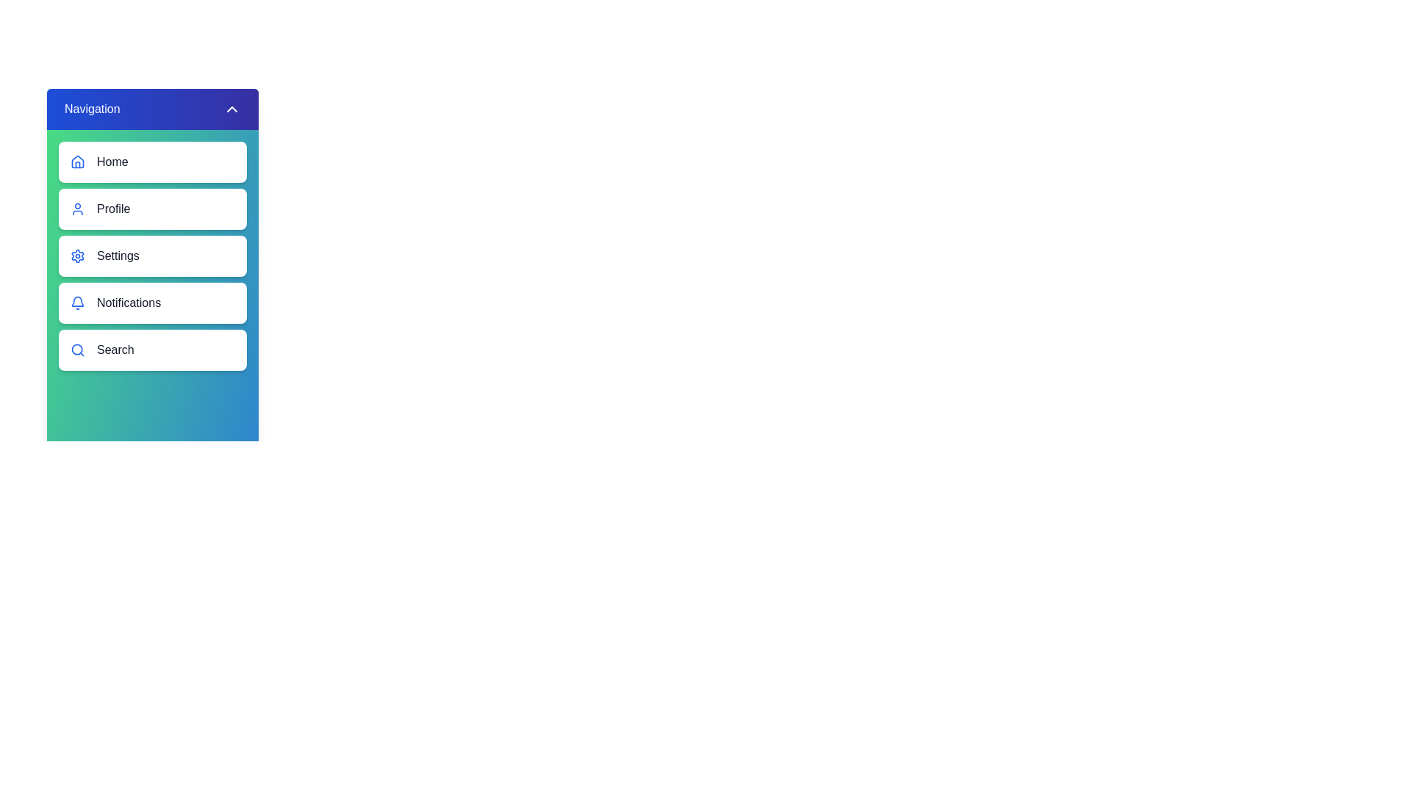  What do you see at coordinates (76, 350) in the screenshot?
I see `the circular part of the magnifying glass icon, which is nested within the 'Search' button located at the bottom of the vertical navigation menu` at bounding box center [76, 350].